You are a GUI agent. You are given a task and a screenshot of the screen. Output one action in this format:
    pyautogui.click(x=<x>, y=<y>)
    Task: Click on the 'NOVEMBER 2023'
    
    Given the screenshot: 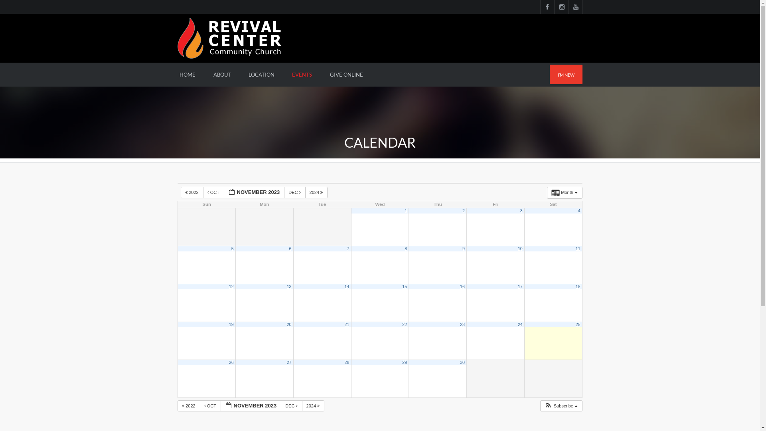 What is the action you would take?
    pyautogui.click(x=251, y=406)
    